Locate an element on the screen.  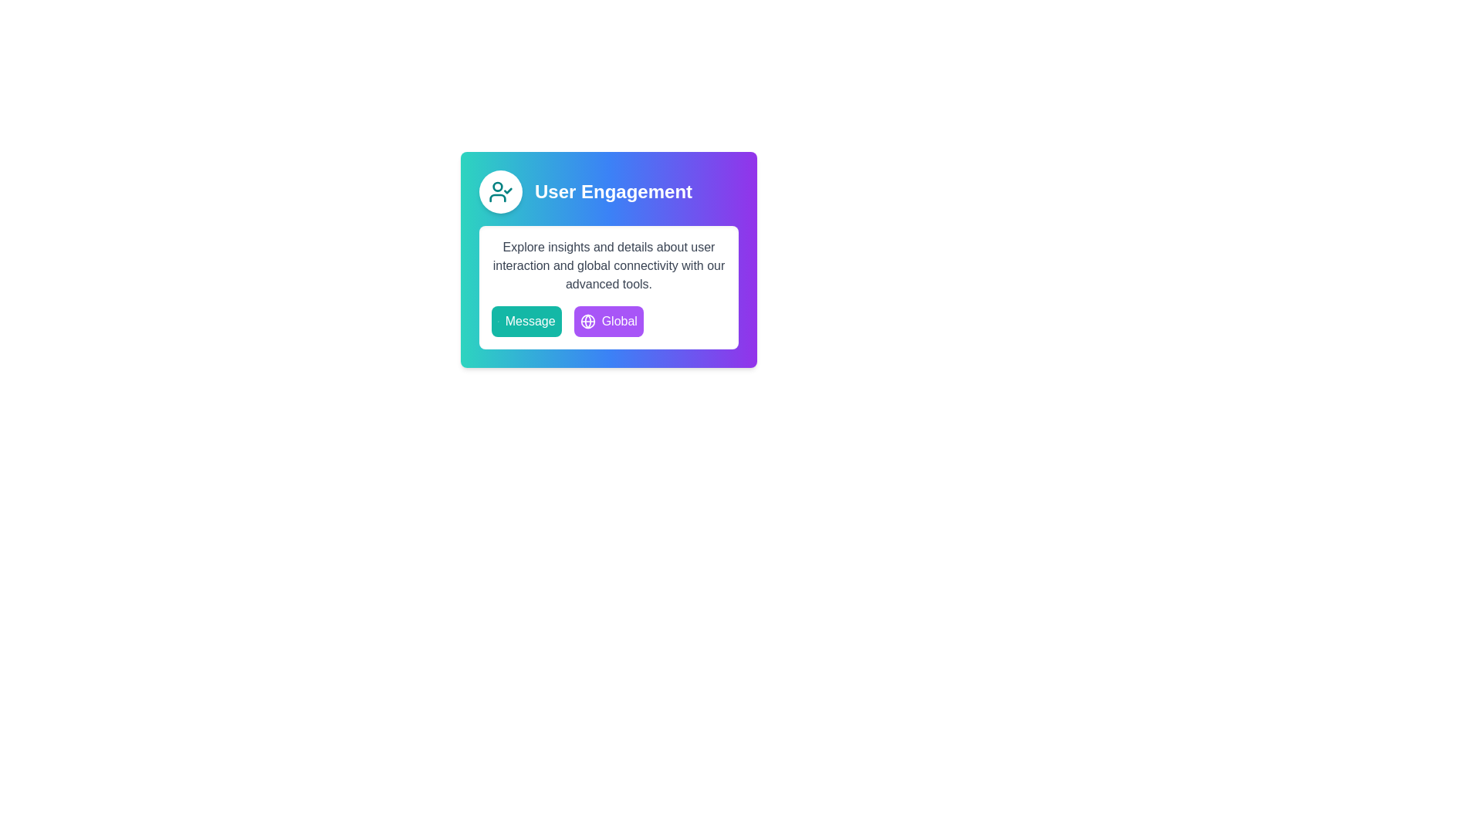
the rectangular button with a purple background labeled 'Global' is located at coordinates (607, 320).